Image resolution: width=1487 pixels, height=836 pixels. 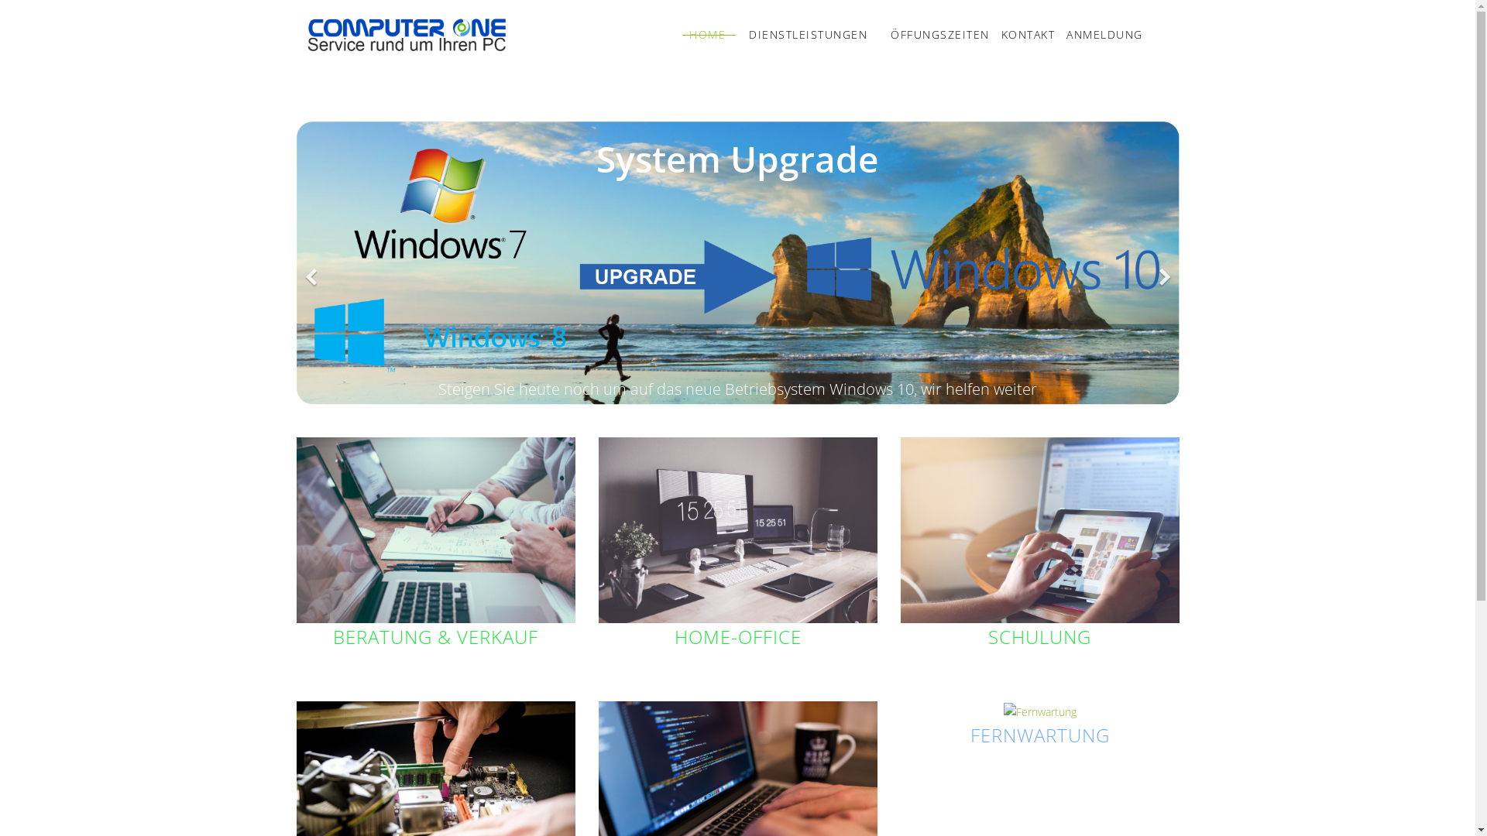 I want to click on 'HOME', so click(x=706, y=35).